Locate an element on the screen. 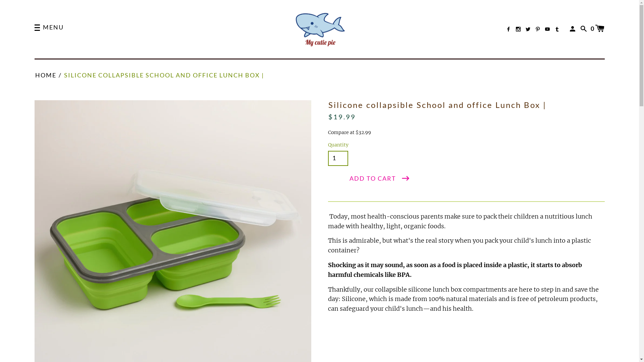 The width and height of the screenshot is (644, 362). '0' is located at coordinates (597, 28).